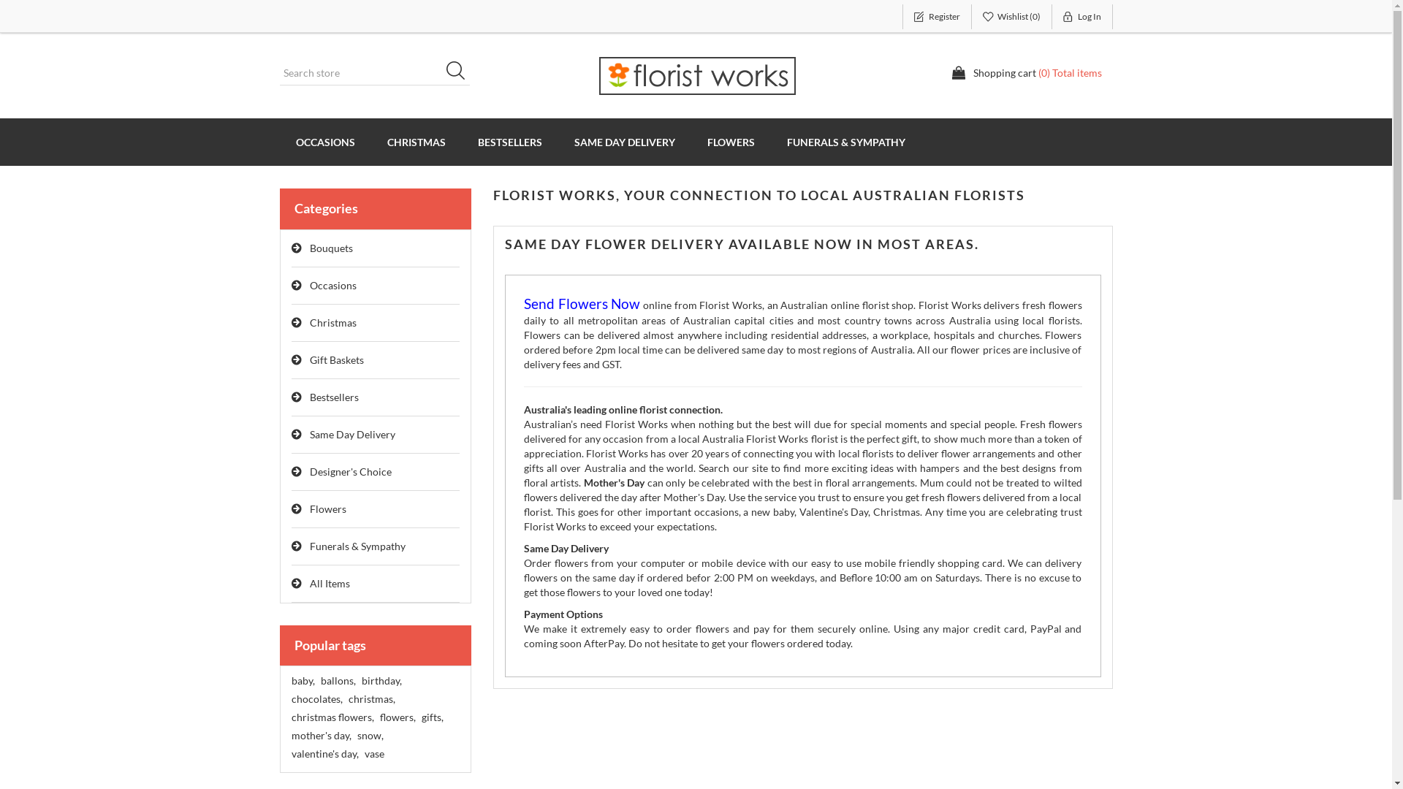 Image resolution: width=1403 pixels, height=789 pixels. I want to click on 'Funerals & Sympathy', so click(375, 546).